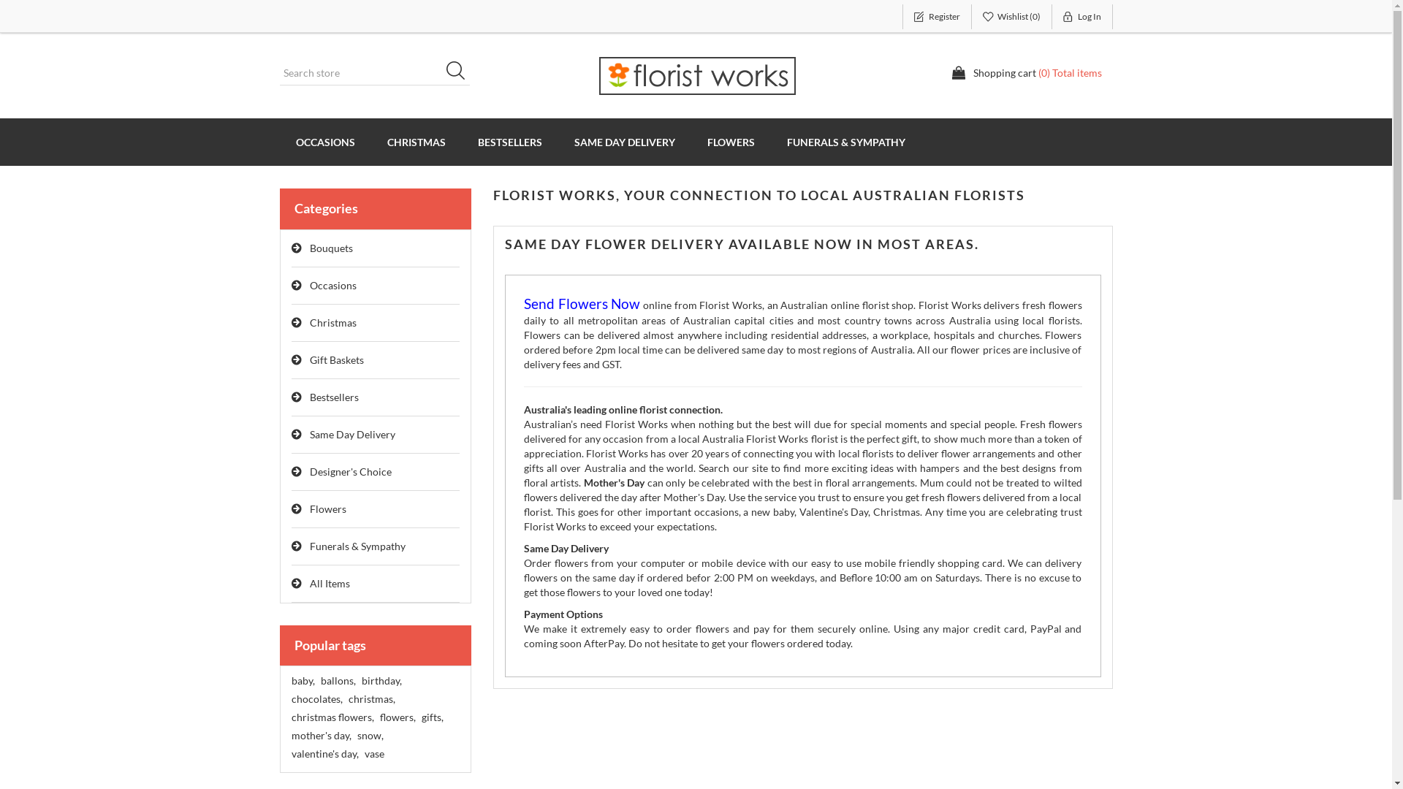 Image resolution: width=1403 pixels, height=789 pixels. I want to click on 'Funerals & Sympathy', so click(375, 546).